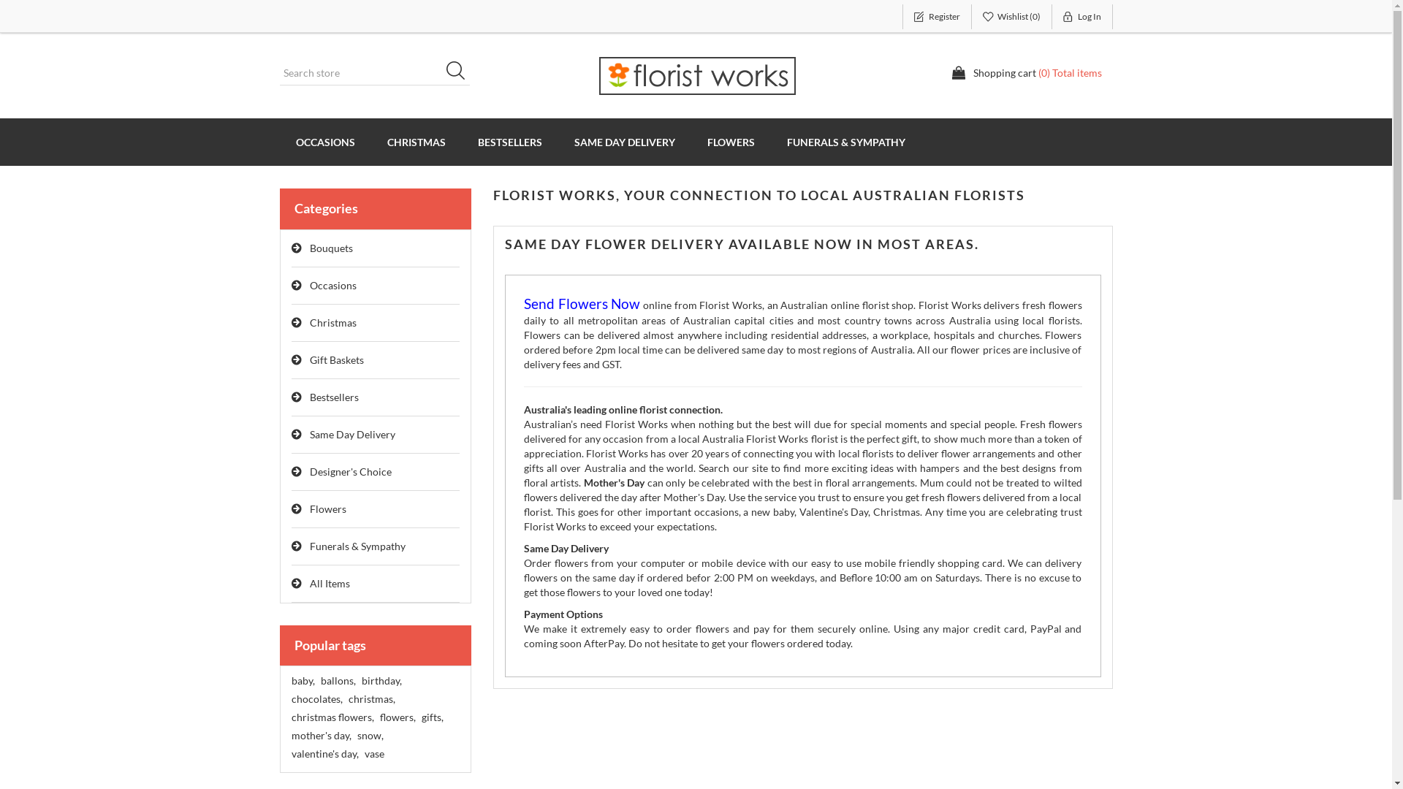 Image resolution: width=1403 pixels, height=789 pixels. I want to click on 'Funerals & Sympathy', so click(375, 546).